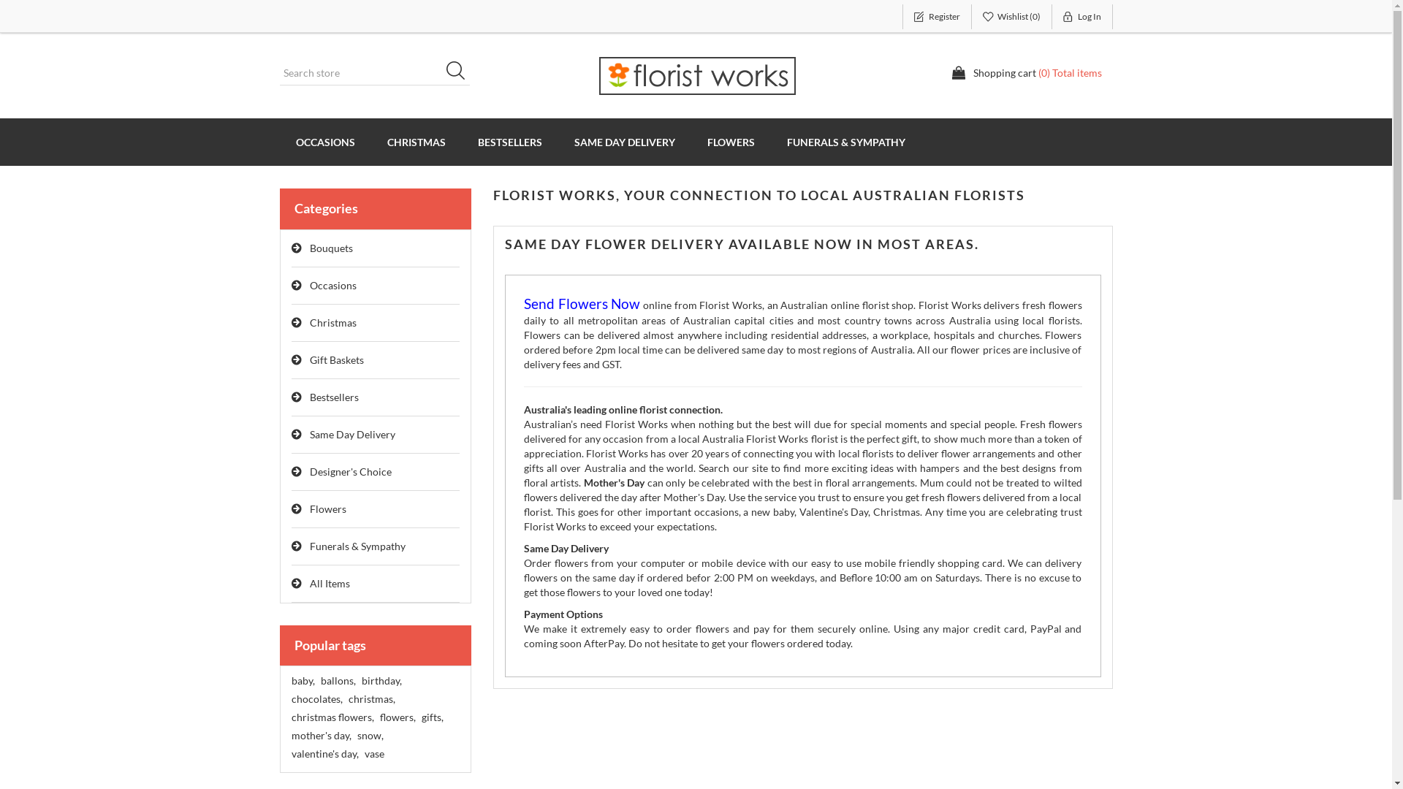 Image resolution: width=1403 pixels, height=789 pixels. I want to click on 'Funerals & Sympathy', so click(375, 546).